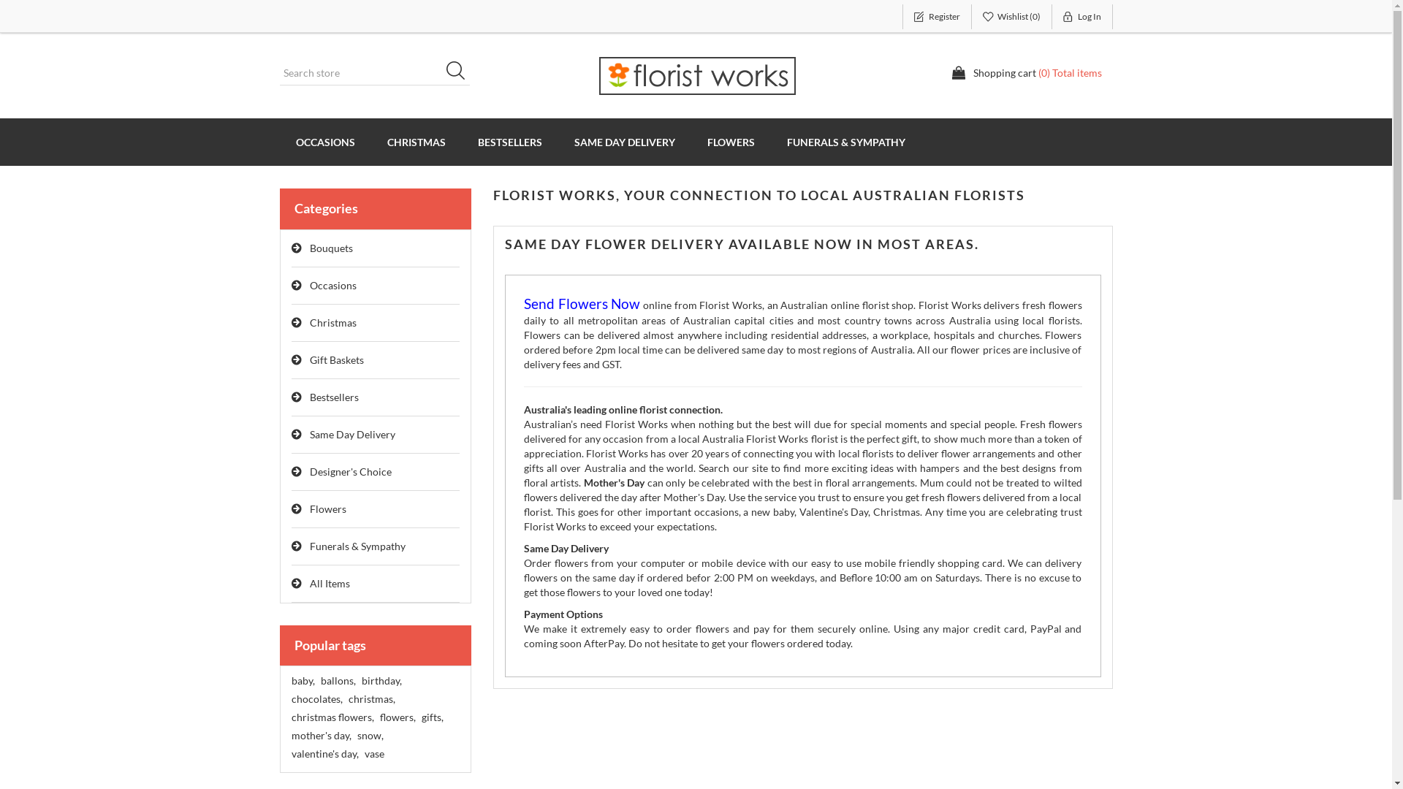 Image resolution: width=1403 pixels, height=789 pixels. I want to click on 'Funerals & Sympathy', so click(375, 546).